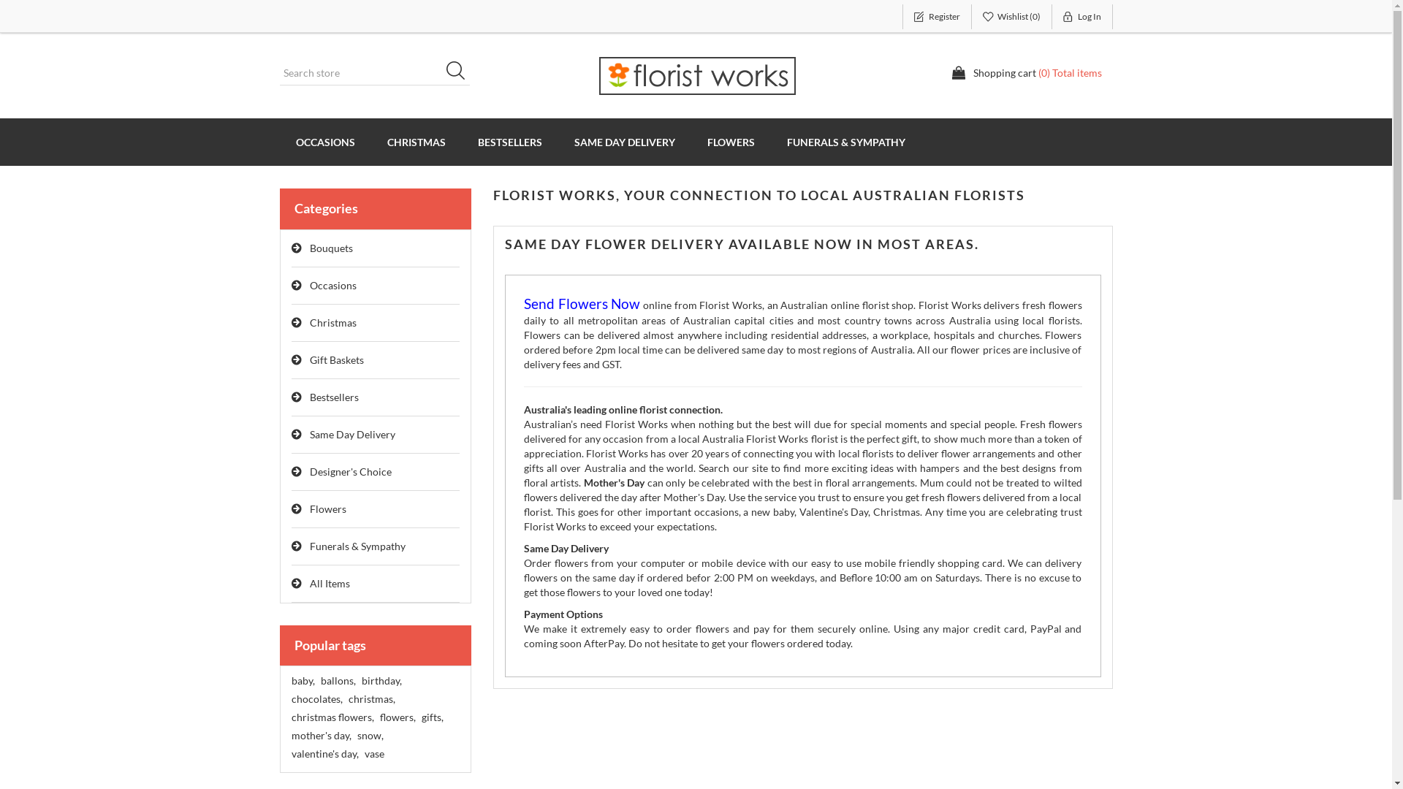 Image resolution: width=1403 pixels, height=789 pixels. I want to click on 'Funerals & Sympathy', so click(375, 546).